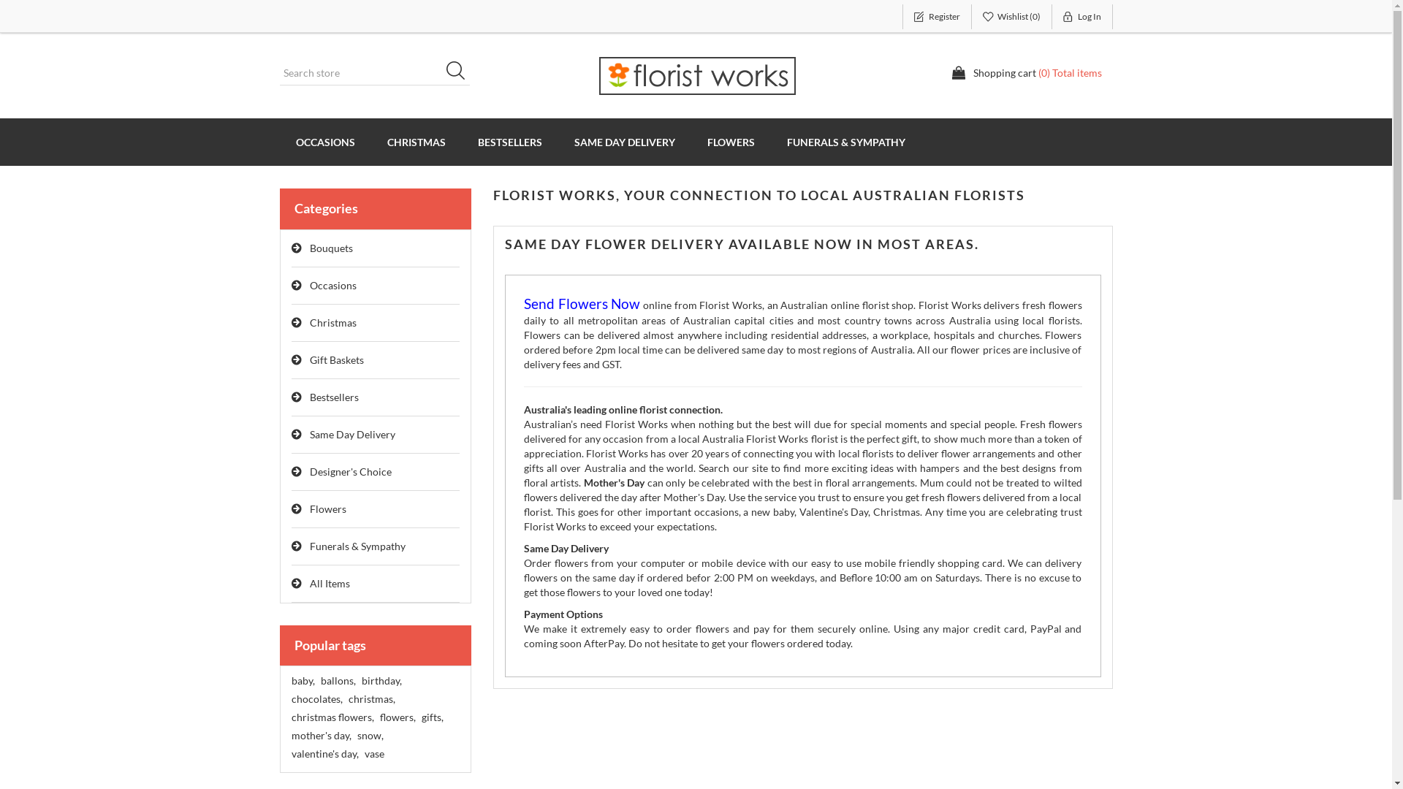 Image resolution: width=1403 pixels, height=789 pixels. I want to click on 'Funerals & Sympathy', so click(375, 546).